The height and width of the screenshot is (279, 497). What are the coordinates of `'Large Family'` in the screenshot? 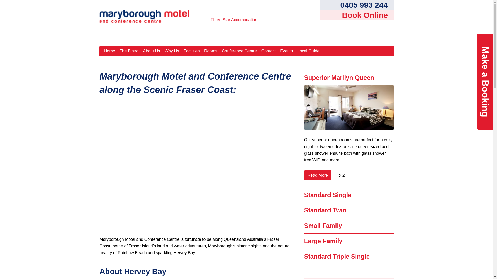 It's located at (323, 241).